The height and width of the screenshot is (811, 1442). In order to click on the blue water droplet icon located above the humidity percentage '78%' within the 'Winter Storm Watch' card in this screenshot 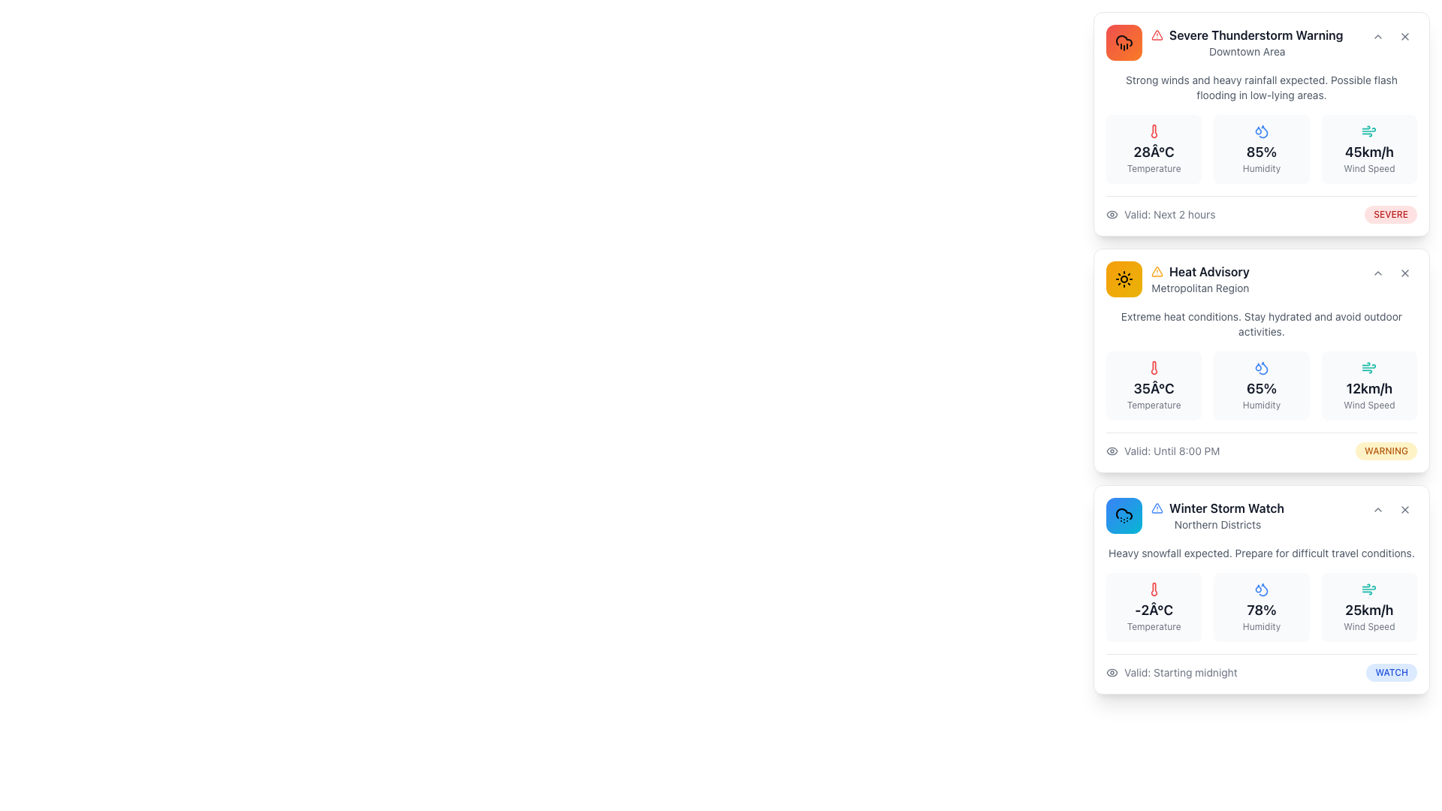, I will do `click(1262, 589)`.